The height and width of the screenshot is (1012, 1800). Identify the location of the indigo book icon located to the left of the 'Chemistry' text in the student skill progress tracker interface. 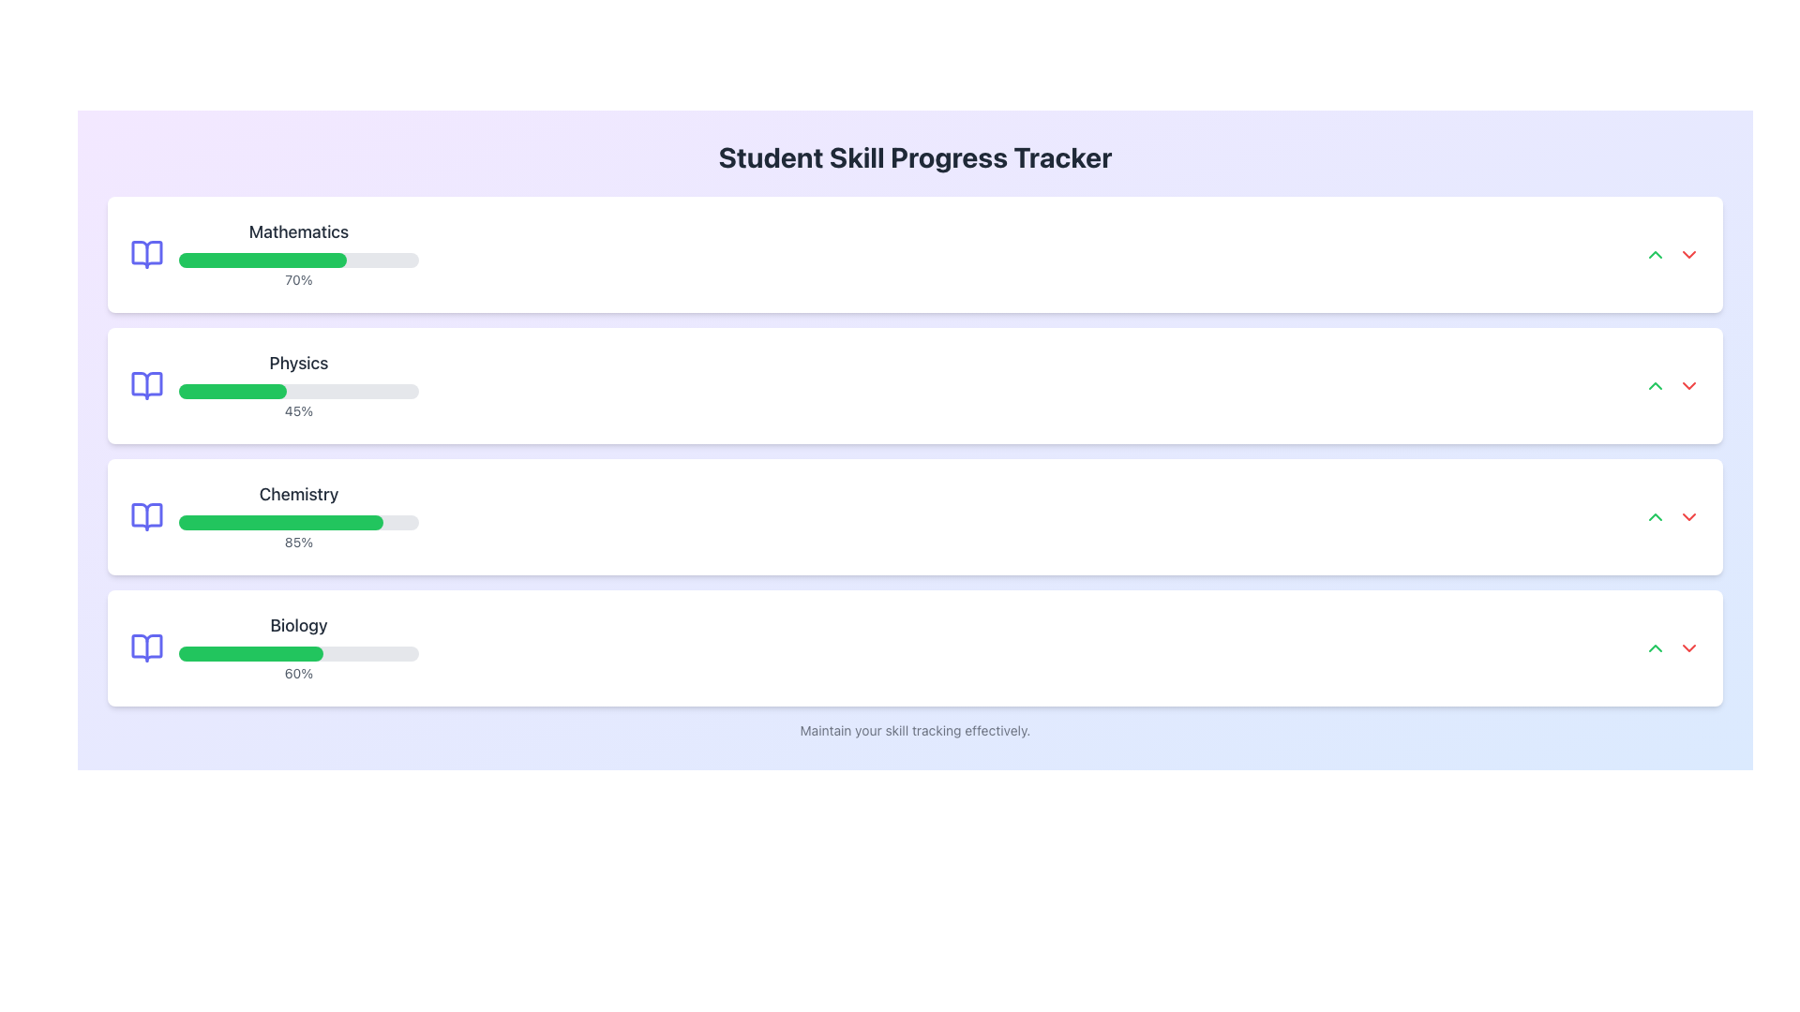
(146, 516).